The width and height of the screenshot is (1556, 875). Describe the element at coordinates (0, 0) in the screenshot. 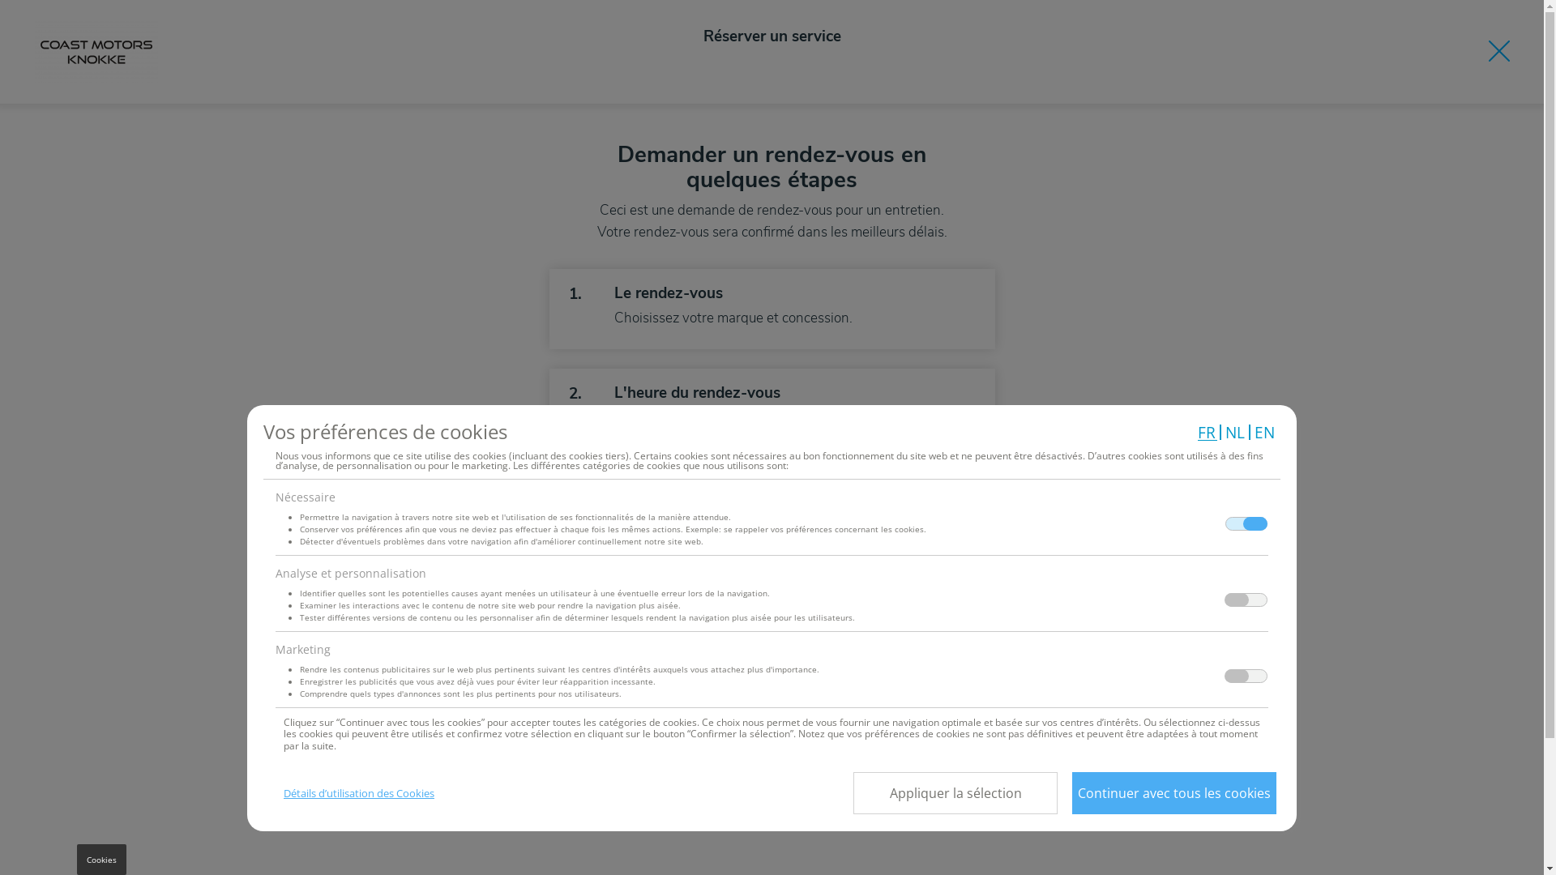

I see `'Aller au contenu principal'` at that location.